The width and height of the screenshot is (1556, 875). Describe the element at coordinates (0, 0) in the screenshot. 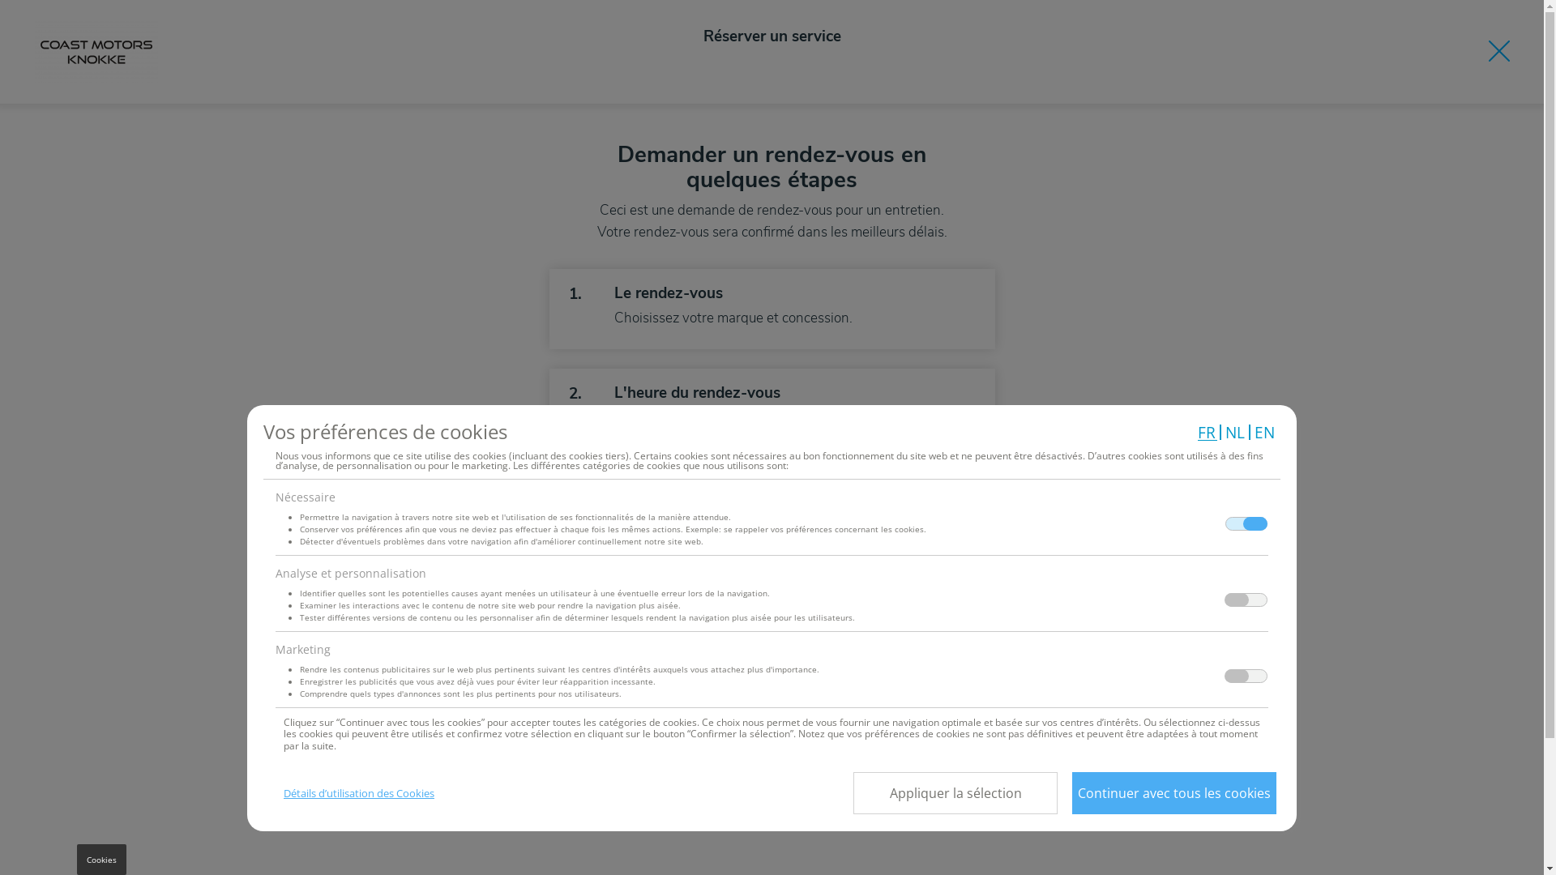

I see `'Aller au contenu principal'` at that location.